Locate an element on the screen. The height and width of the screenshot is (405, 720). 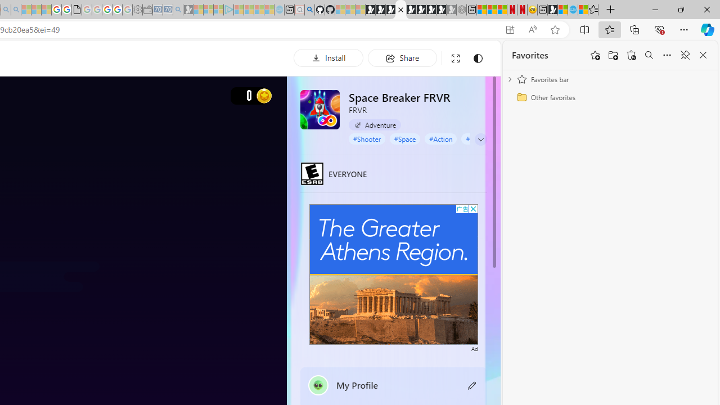
'#Shooter' is located at coordinates (367, 138).